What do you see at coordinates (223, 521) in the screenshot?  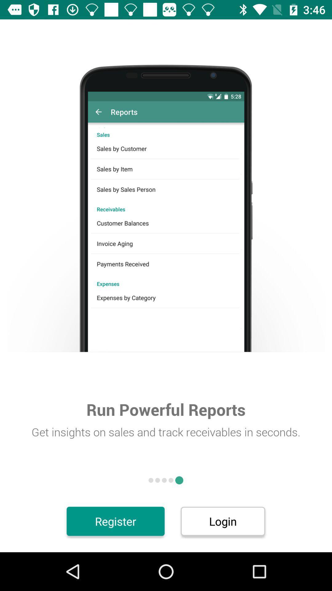 I see `icon to the right of register button` at bounding box center [223, 521].